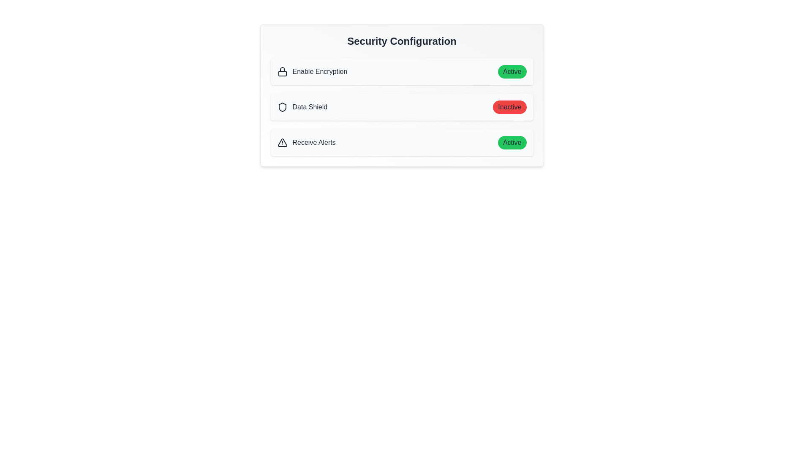 The image size is (811, 456). Describe the element at coordinates (282, 107) in the screenshot. I see `the 'Data Shield' icon located to the left of the 'Data Shield' label in the second row of the list within the 'Security Configuration' module, which symbolizes security or protection` at that location.